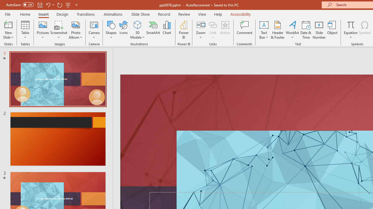 The height and width of the screenshot is (209, 373). Describe the element at coordinates (184, 14) in the screenshot. I see `'Review'` at that location.